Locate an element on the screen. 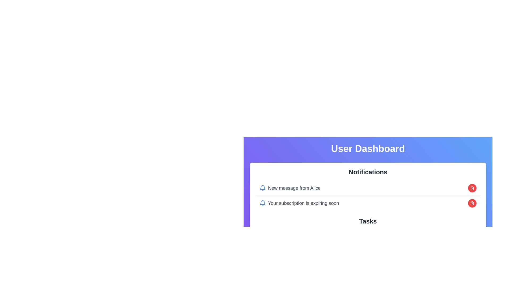 This screenshot has width=510, height=287. the notification text label stating 'Your subscription is expiring soon' which is the second notification under the 'Notifications' section is located at coordinates (299, 203).